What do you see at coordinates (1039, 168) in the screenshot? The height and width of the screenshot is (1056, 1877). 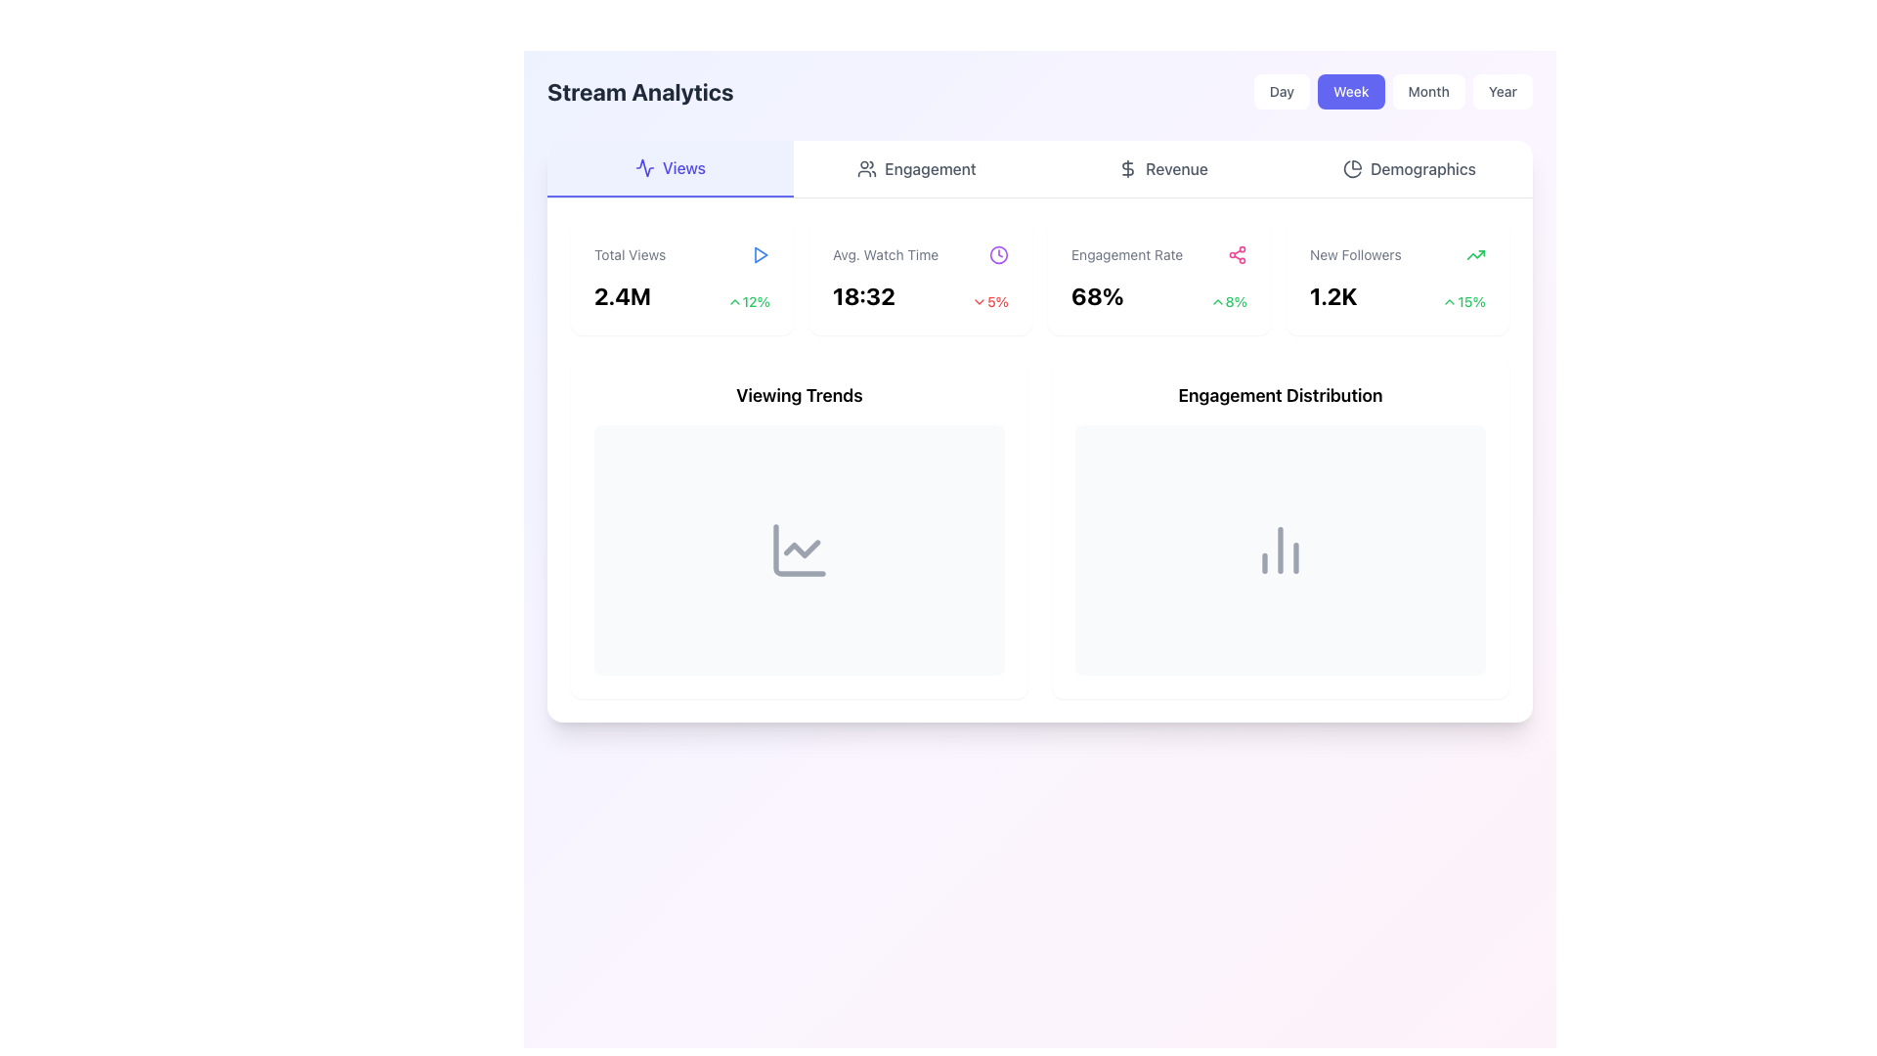 I see `the Navigation bar to switch to a corresponding tab such as 'Views', 'Engagement', 'Revenue', or 'Demographics'` at bounding box center [1039, 168].